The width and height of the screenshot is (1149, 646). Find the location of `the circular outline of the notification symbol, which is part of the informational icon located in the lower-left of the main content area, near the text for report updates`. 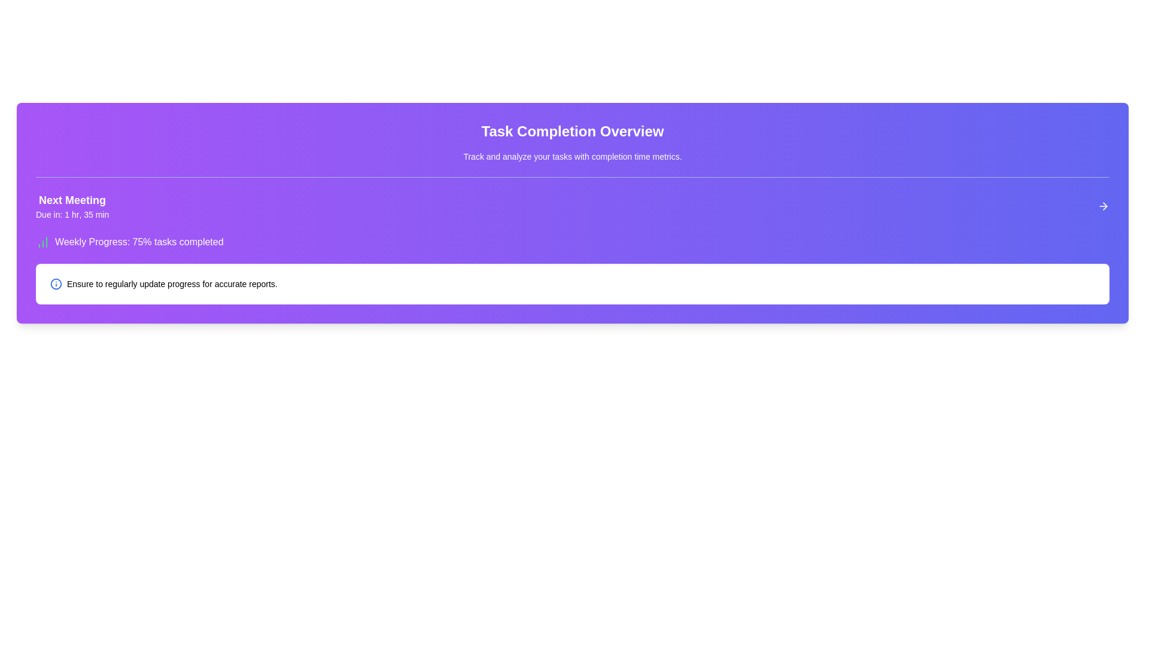

the circular outline of the notification symbol, which is part of the informational icon located in the lower-left of the main content area, near the text for report updates is located at coordinates (56, 284).